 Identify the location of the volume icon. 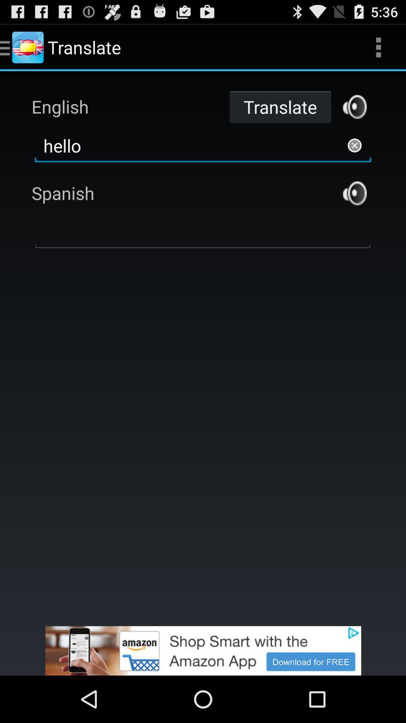
(354, 114).